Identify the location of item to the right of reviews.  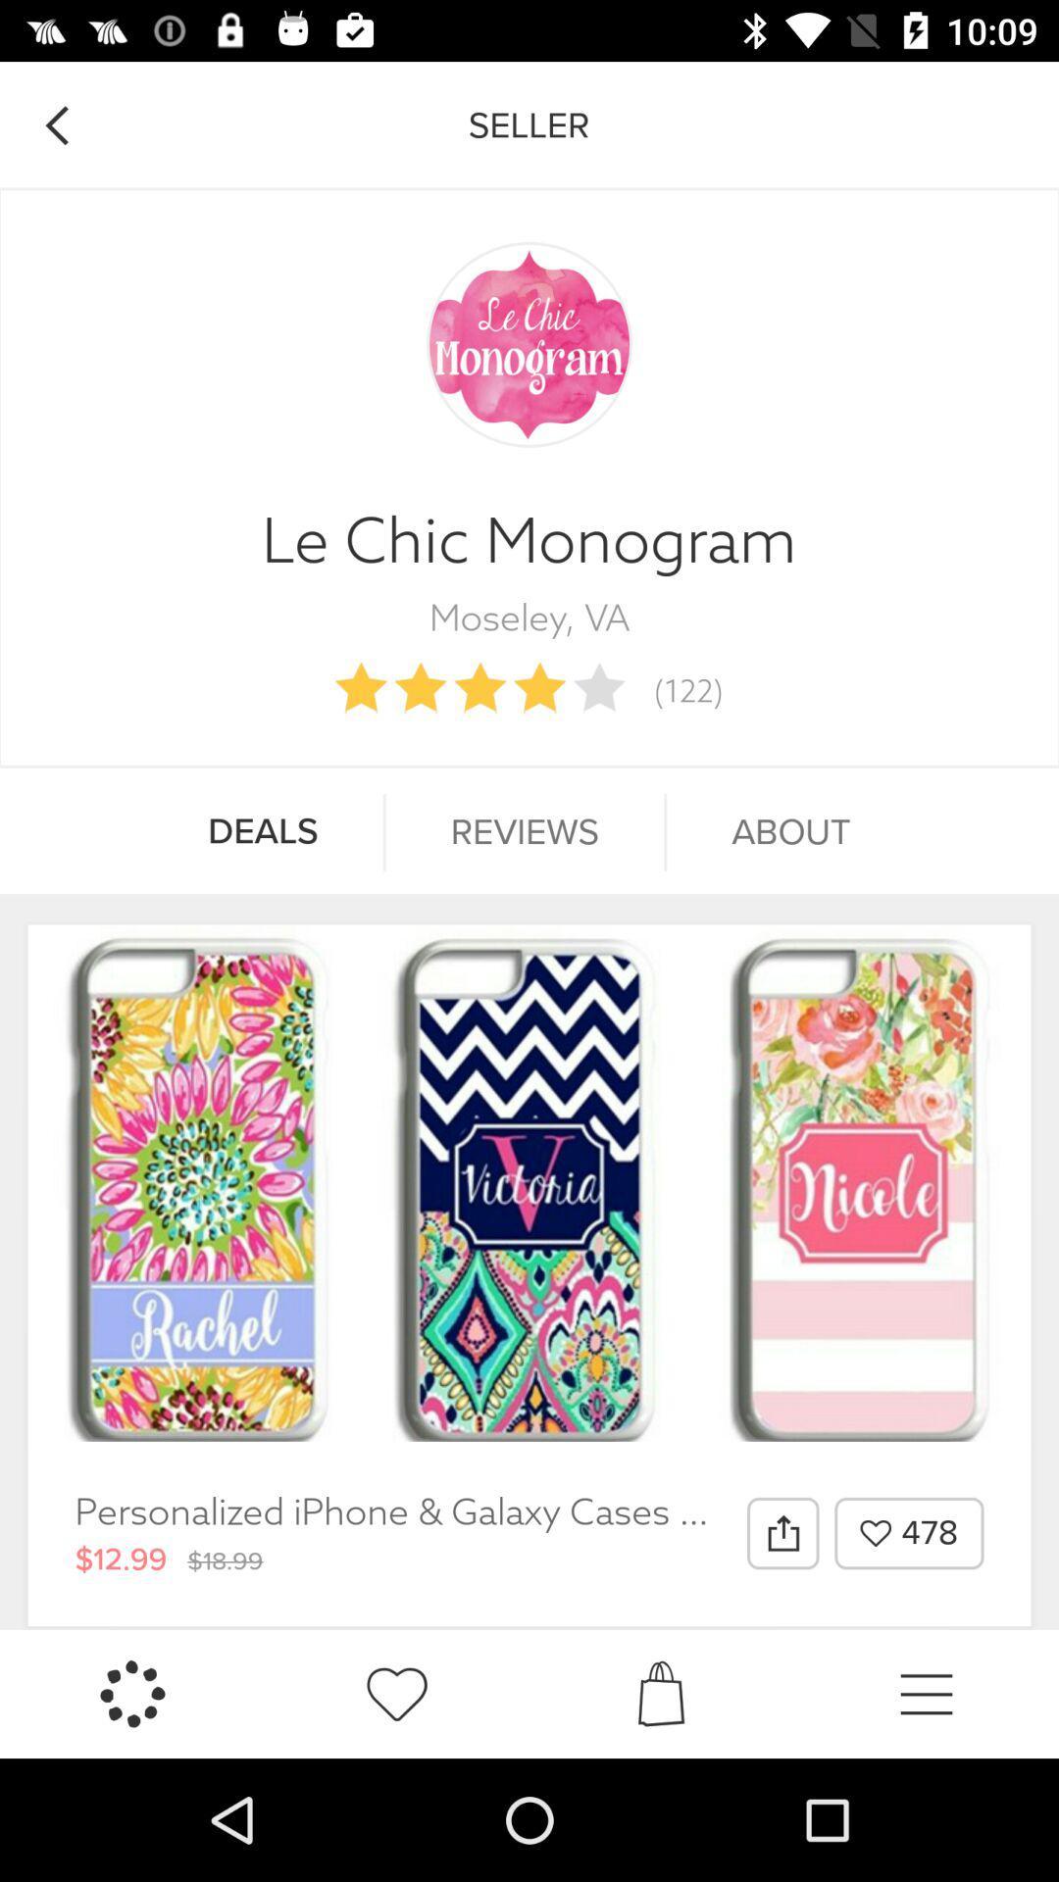
(789, 832).